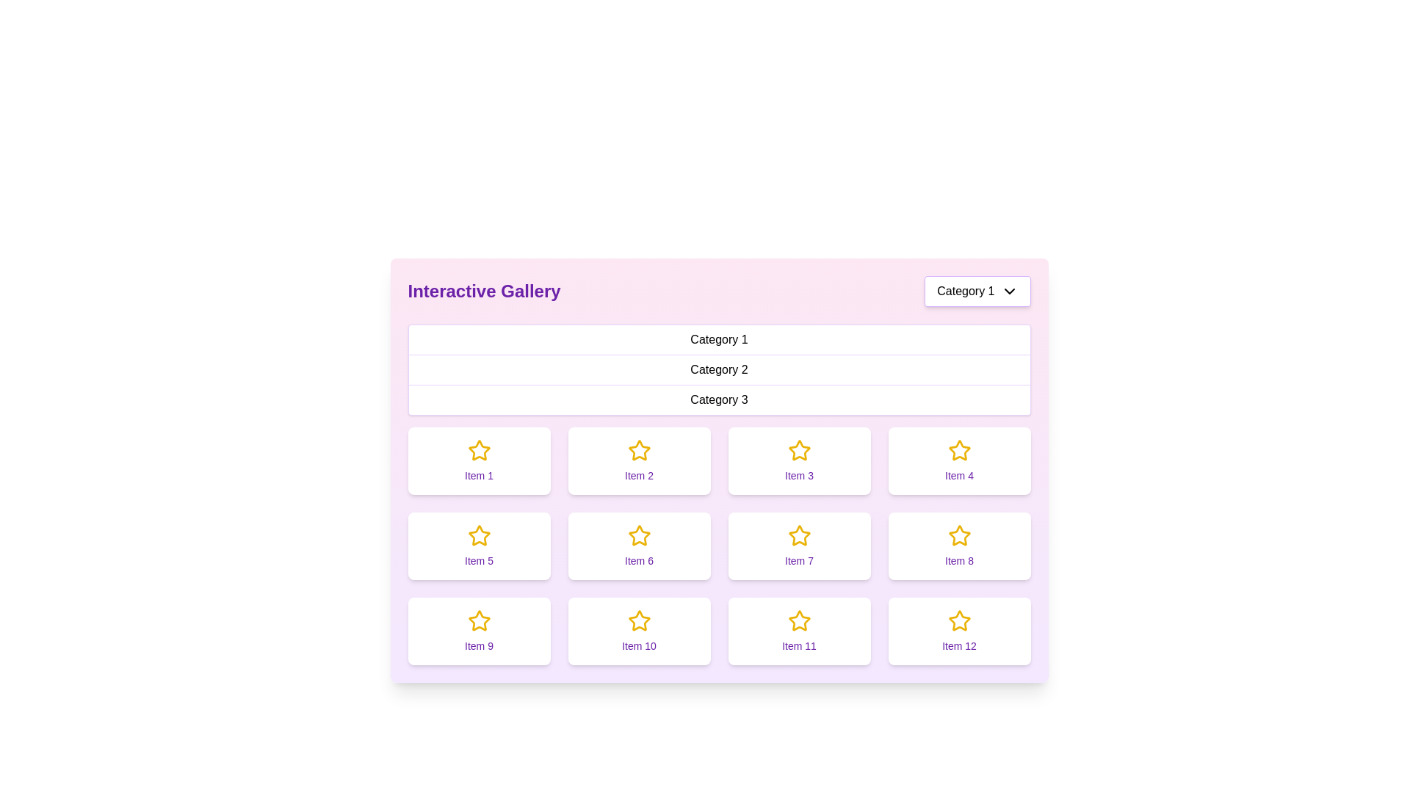 The image size is (1410, 793). What do you see at coordinates (639, 535) in the screenshot?
I see `the sixth star icon, which is a yellow star outline with a white interior, located in the second row, second column of the grid, to interact with it` at bounding box center [639, 535].